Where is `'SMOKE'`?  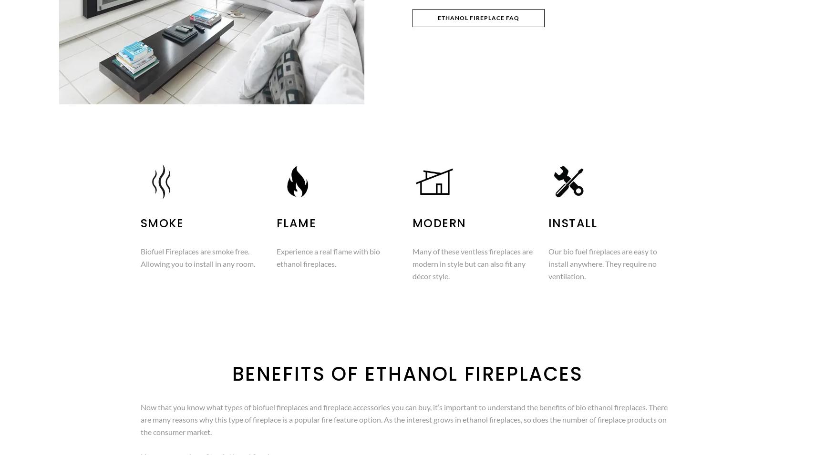
'SMOKE' is located at coordinates (161, 222).